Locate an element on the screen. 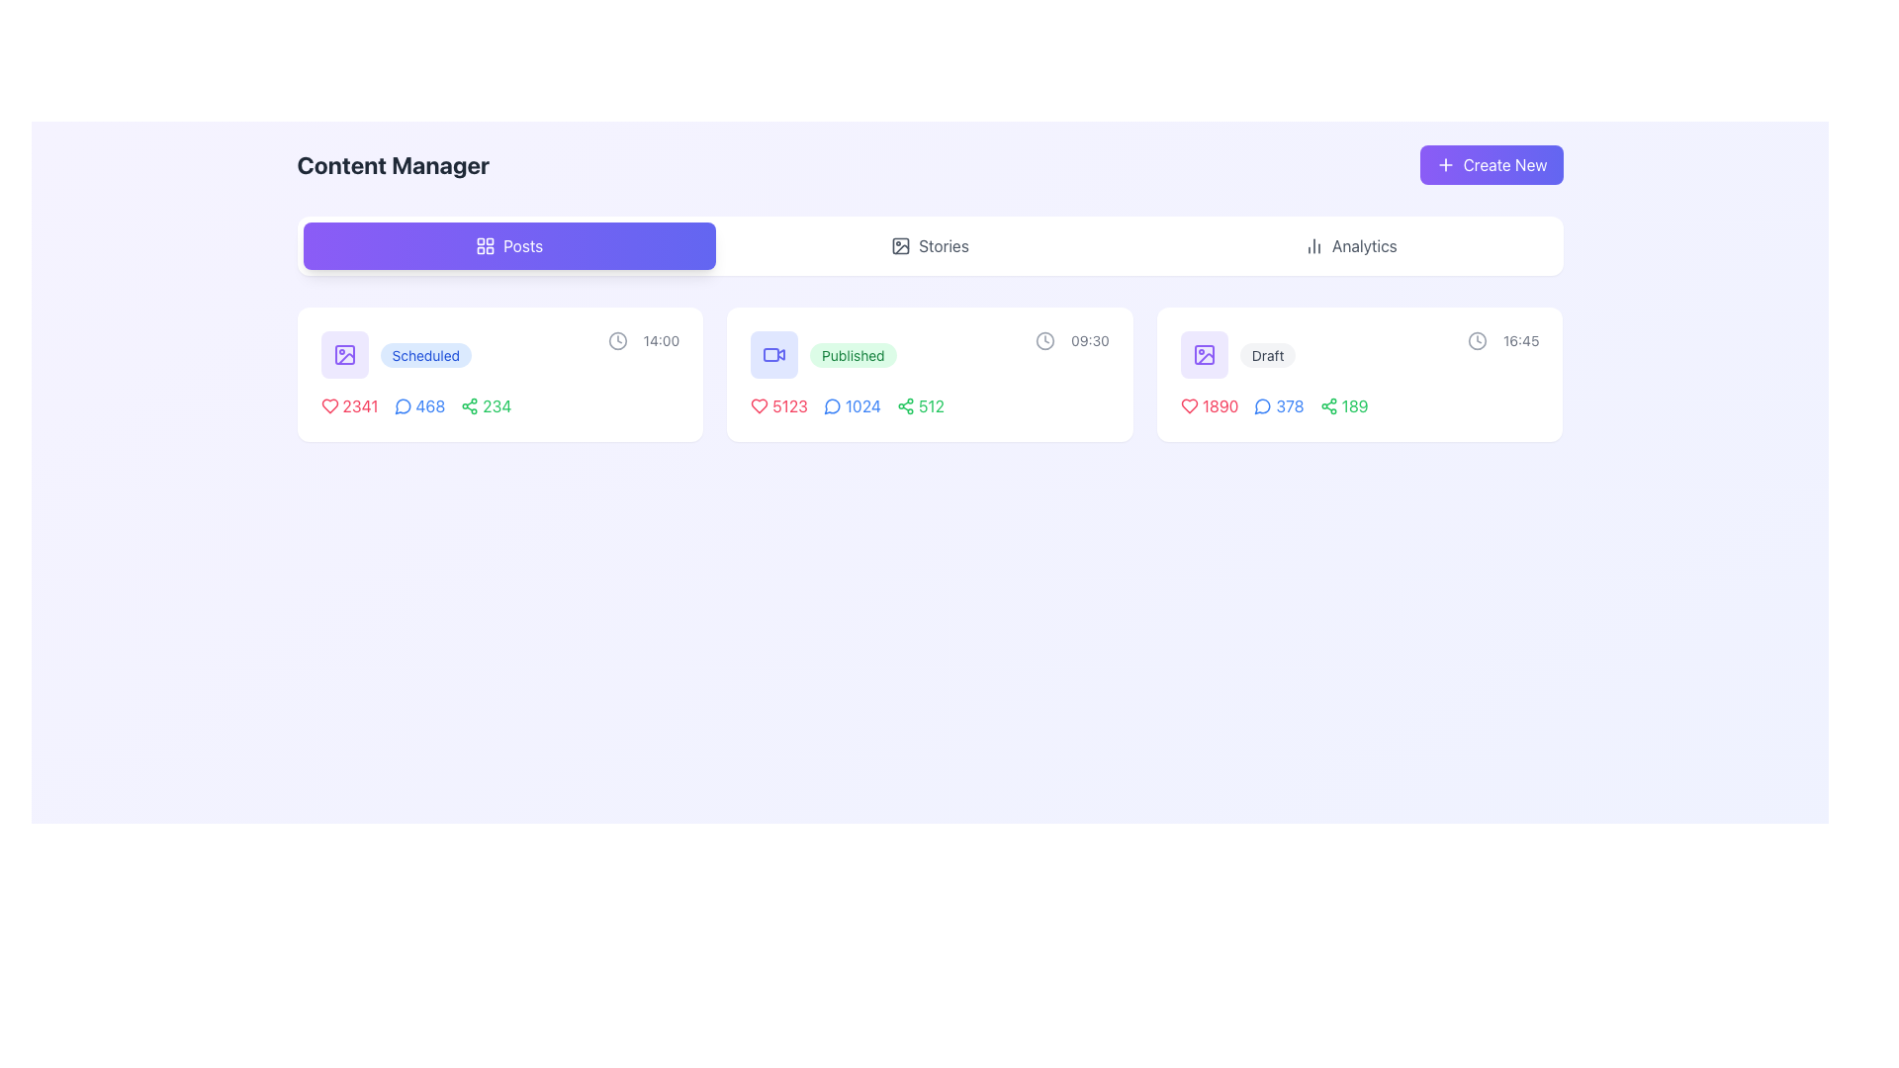 This screenshot has height=1068, width=1899. the light blue pill-shaped label with the text 'Scheduled' in bold blue font, located next to an image icon in the leftmost white card under the 'Posts' tab in the Content Manager interface is located at coordinates (396, 353).